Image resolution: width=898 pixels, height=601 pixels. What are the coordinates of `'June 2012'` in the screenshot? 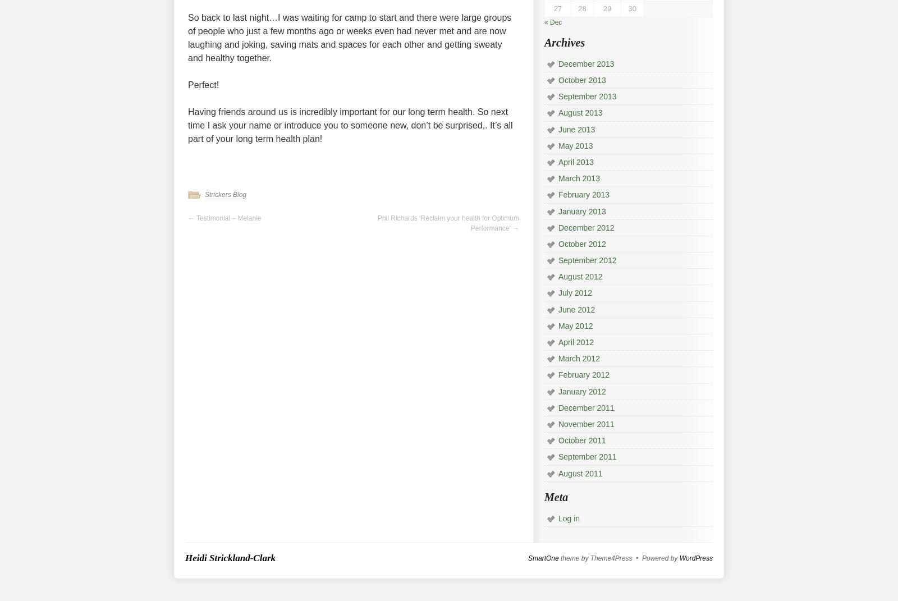 It's located at (558, 309).